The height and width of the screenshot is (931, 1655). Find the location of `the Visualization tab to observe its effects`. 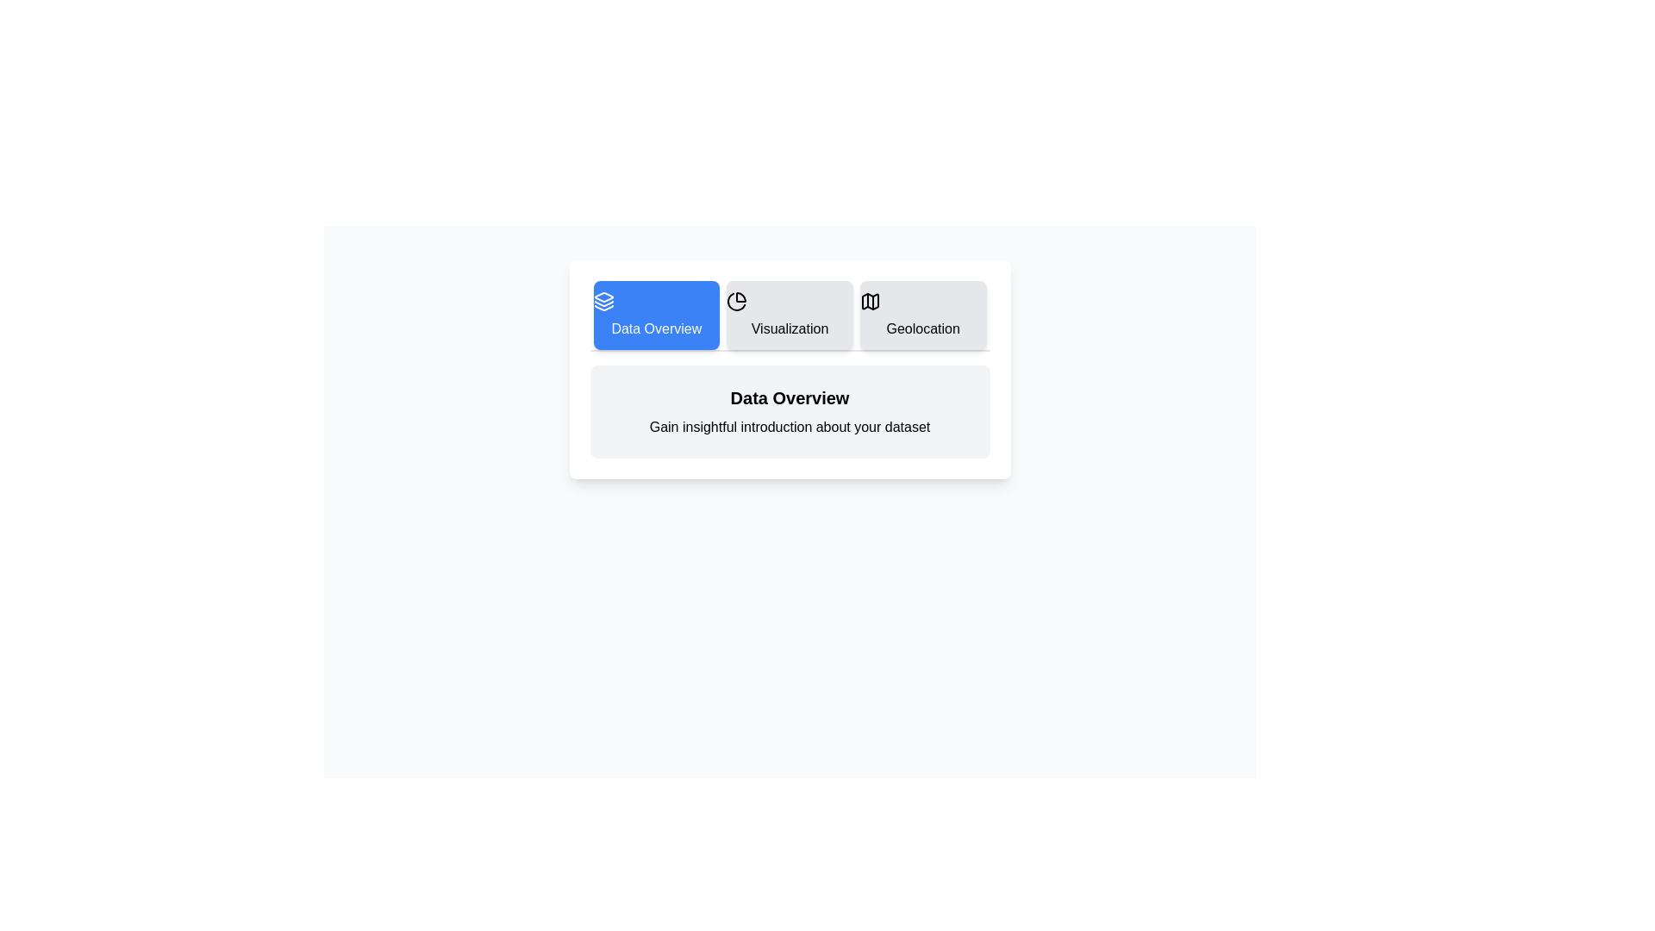

the Visualization tab to observe its effects is located at coordinates (789, 316).